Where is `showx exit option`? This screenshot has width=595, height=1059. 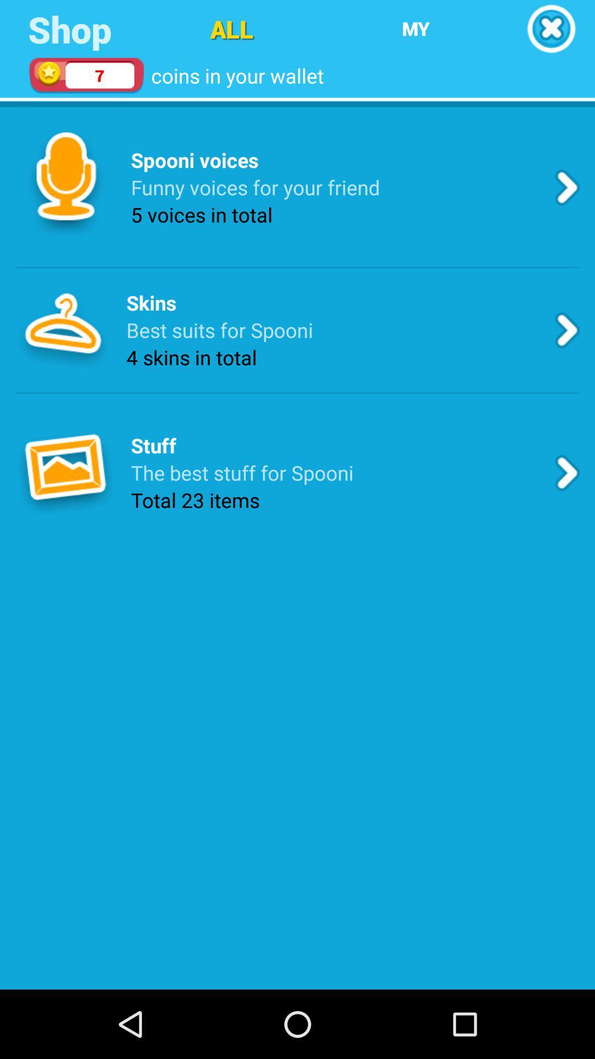
showx exit option is located at coordinates (551, 29).